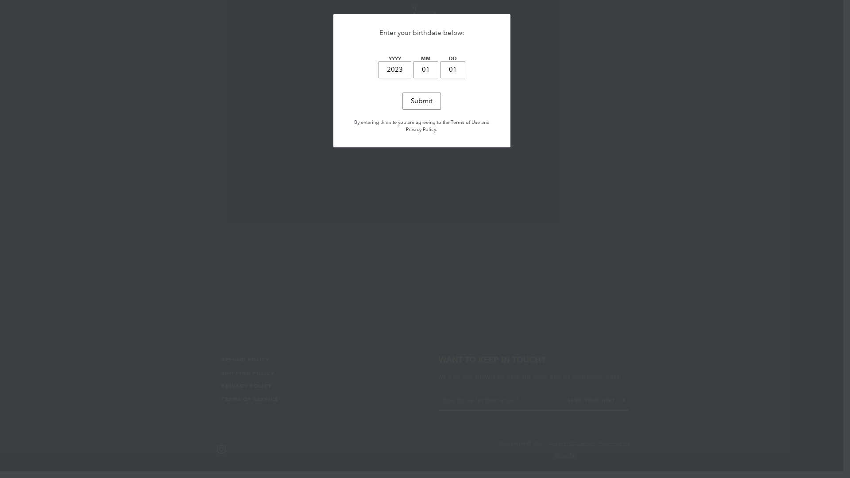 The width and height of the screenshot is (850, 478). What do you see at coordinates (572, 443) in the screenshot?
I see `'A Twist Of Lemon'` at bounding box center [572, 443].